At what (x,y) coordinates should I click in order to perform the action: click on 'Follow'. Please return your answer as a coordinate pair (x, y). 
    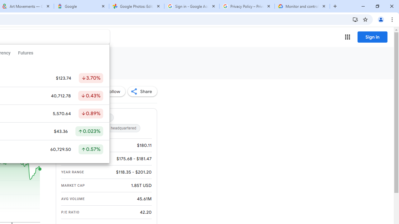
    Looking at the image, I should click on (110, 91).